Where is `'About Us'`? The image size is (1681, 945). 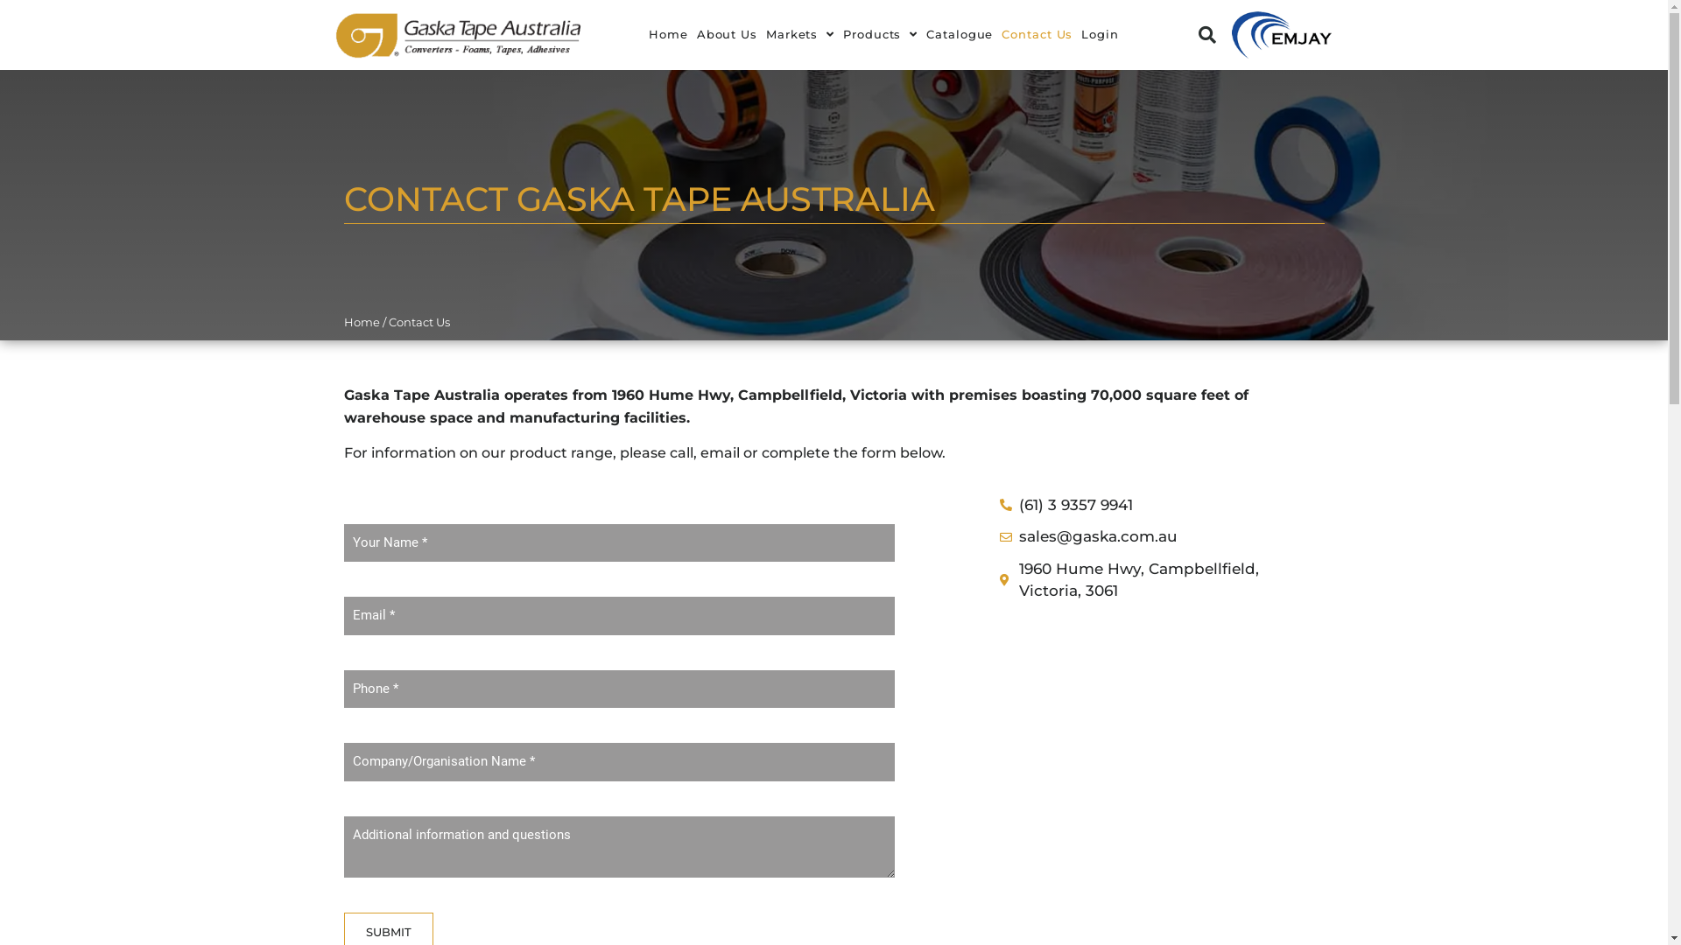
'About Us' is located at coordinates (727, 34).